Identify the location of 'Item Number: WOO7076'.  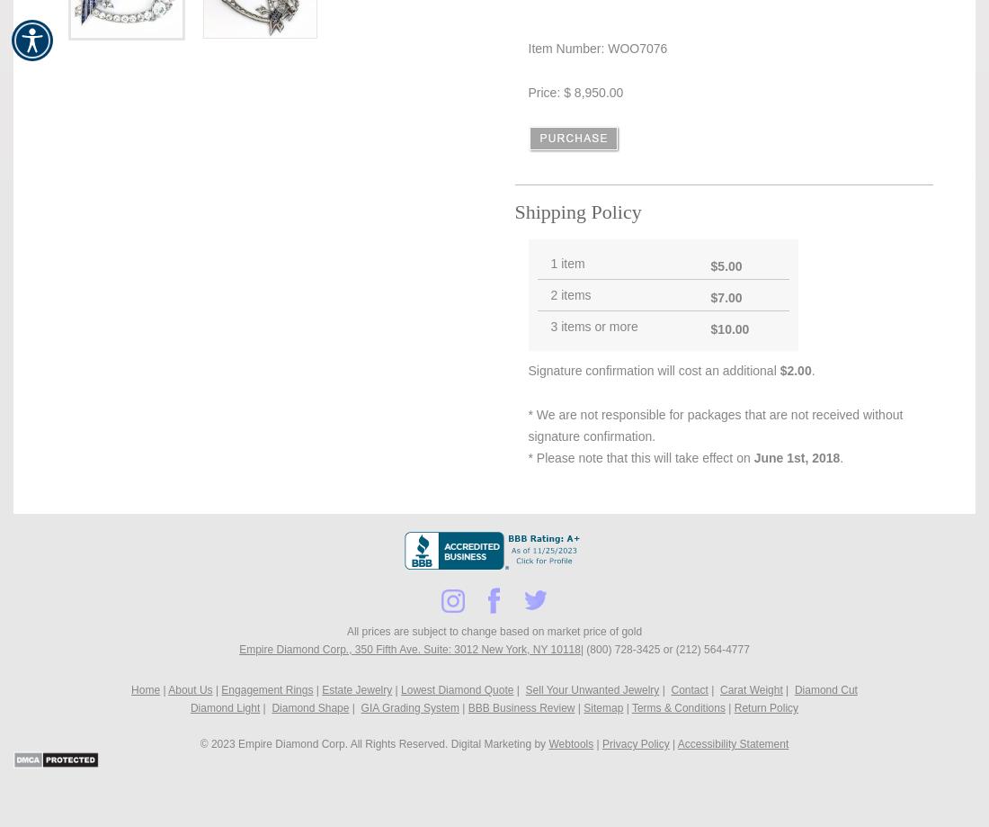
(597, 49).